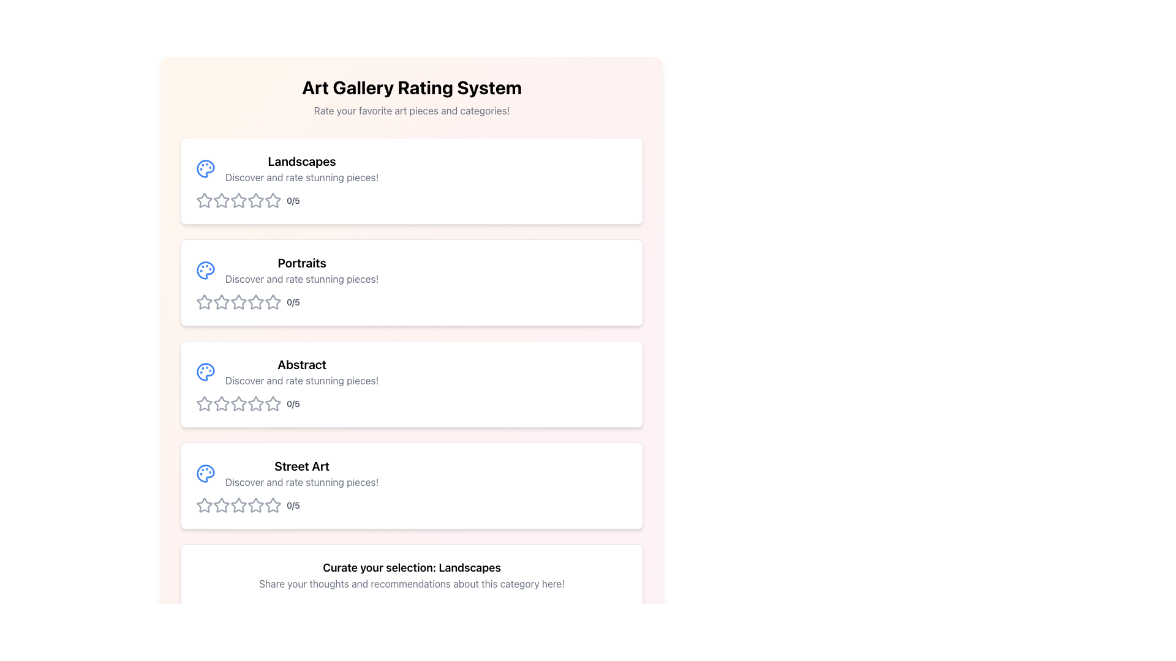  What do you see at coordinates (255, 403) in the screenshot?
I see `the fourth star icon in the five-star rating system` at bounding box center [255, 403].